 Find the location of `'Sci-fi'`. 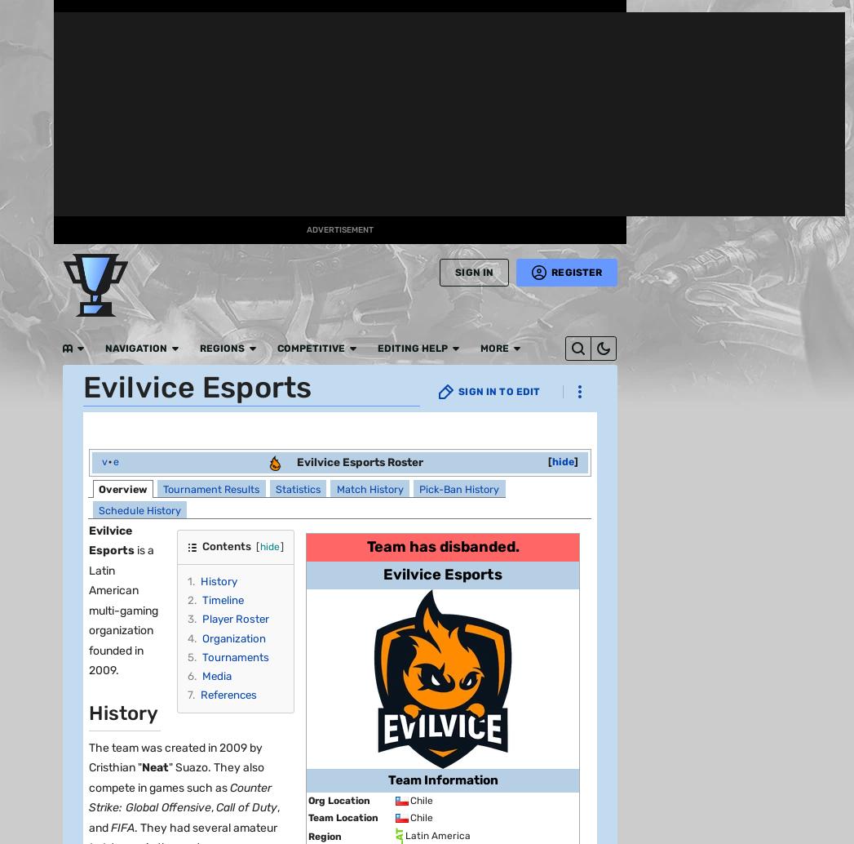

'Sci-fi' is located at coordinates (149, 182).